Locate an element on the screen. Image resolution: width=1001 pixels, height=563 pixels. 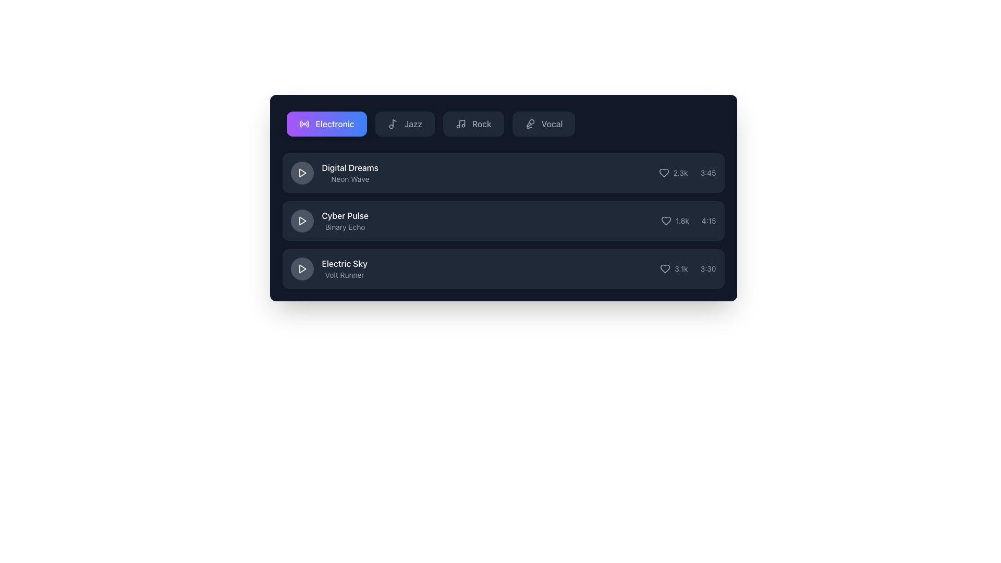
the text label displaying the song title 'Cyber Pulse' and artist 'Binary Echo', located in the second row of the playlist interface, adjacent to the play button icon is located at coordinates (345, 221).